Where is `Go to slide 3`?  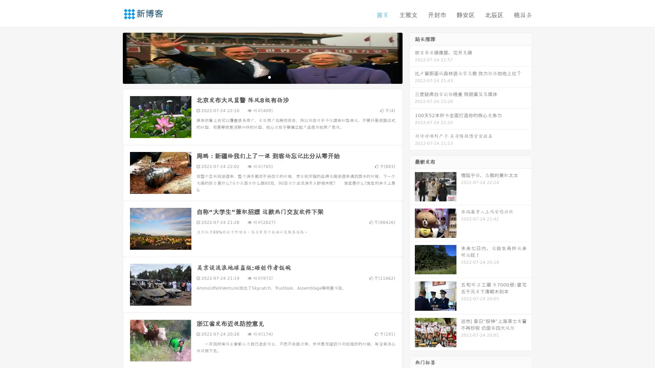
Go to slide 3 is located at coordinates (269, 77).